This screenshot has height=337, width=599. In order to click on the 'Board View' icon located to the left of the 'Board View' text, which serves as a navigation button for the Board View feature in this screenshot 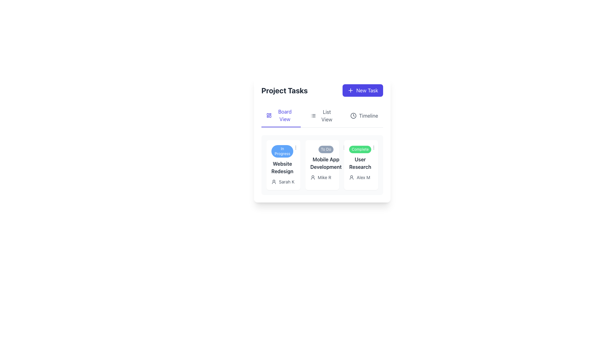, I will do `click(269, 115)`.